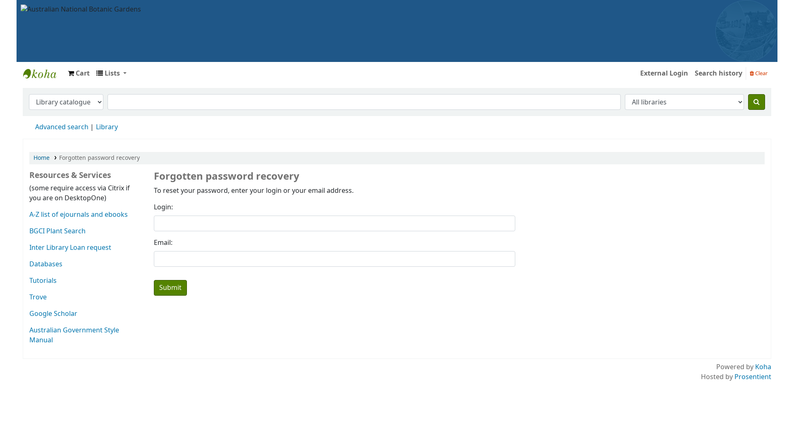  I want to click on 'Lists', so click(111, 73).